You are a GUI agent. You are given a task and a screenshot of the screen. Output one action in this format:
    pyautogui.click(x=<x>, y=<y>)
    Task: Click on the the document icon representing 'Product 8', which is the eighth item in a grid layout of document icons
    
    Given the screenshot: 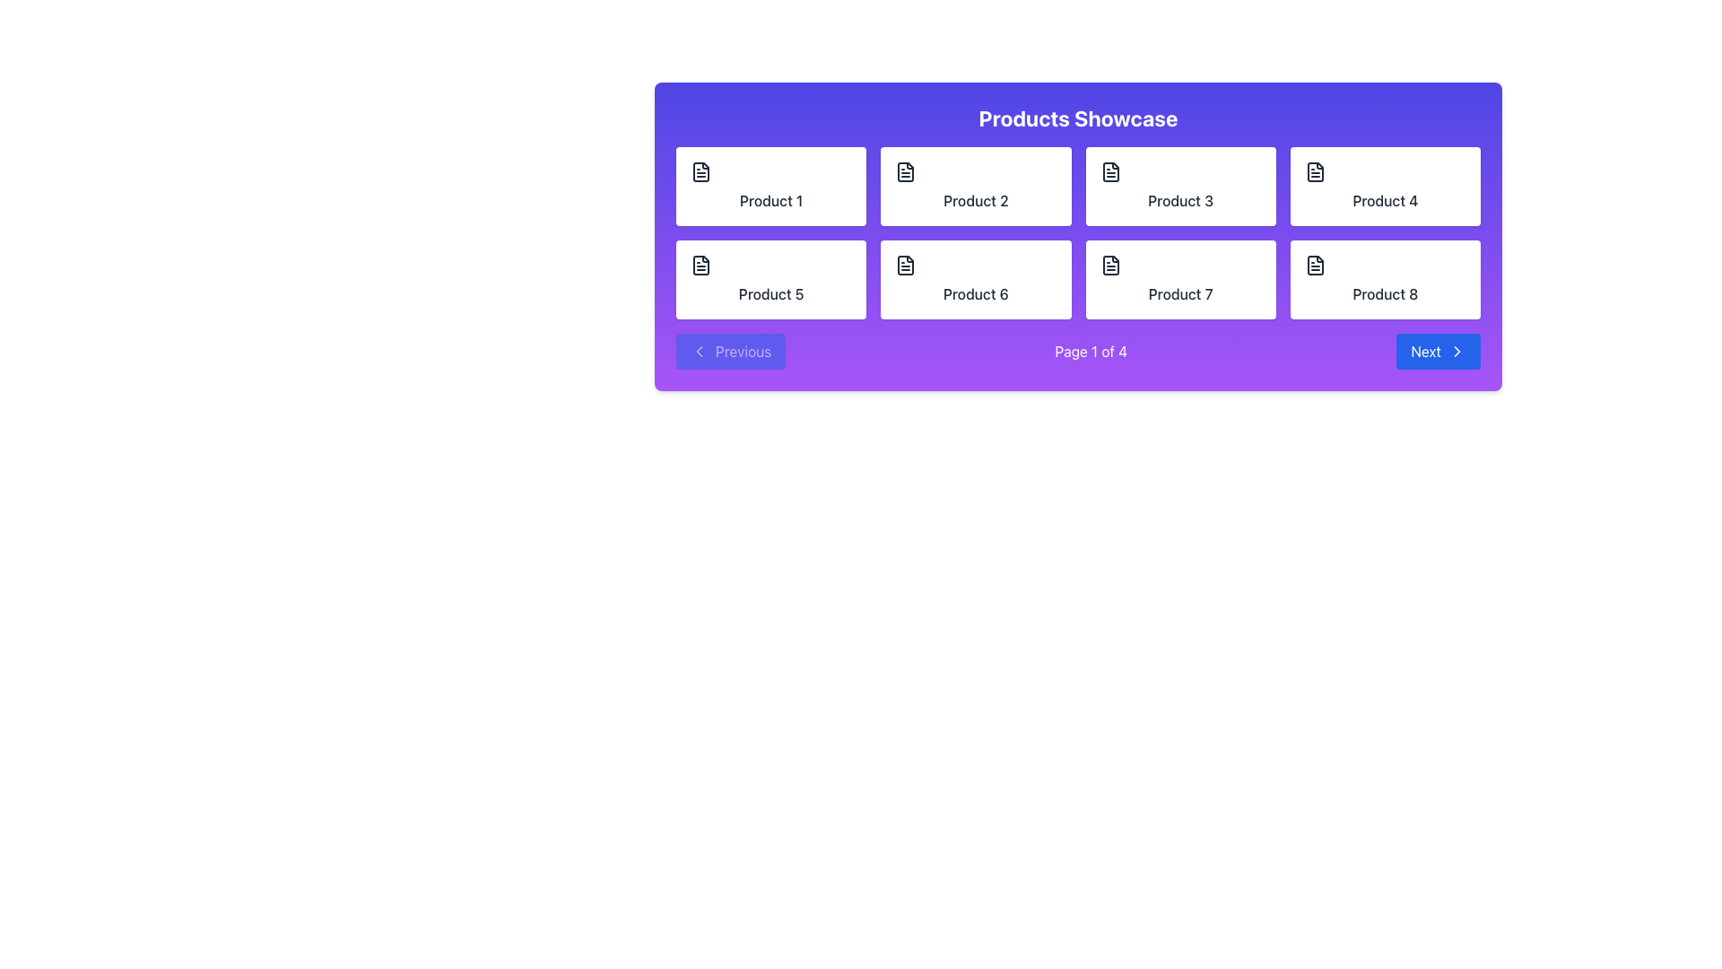 What is the action you would take?
    pyautogui.click(x=1315, y=266)
    